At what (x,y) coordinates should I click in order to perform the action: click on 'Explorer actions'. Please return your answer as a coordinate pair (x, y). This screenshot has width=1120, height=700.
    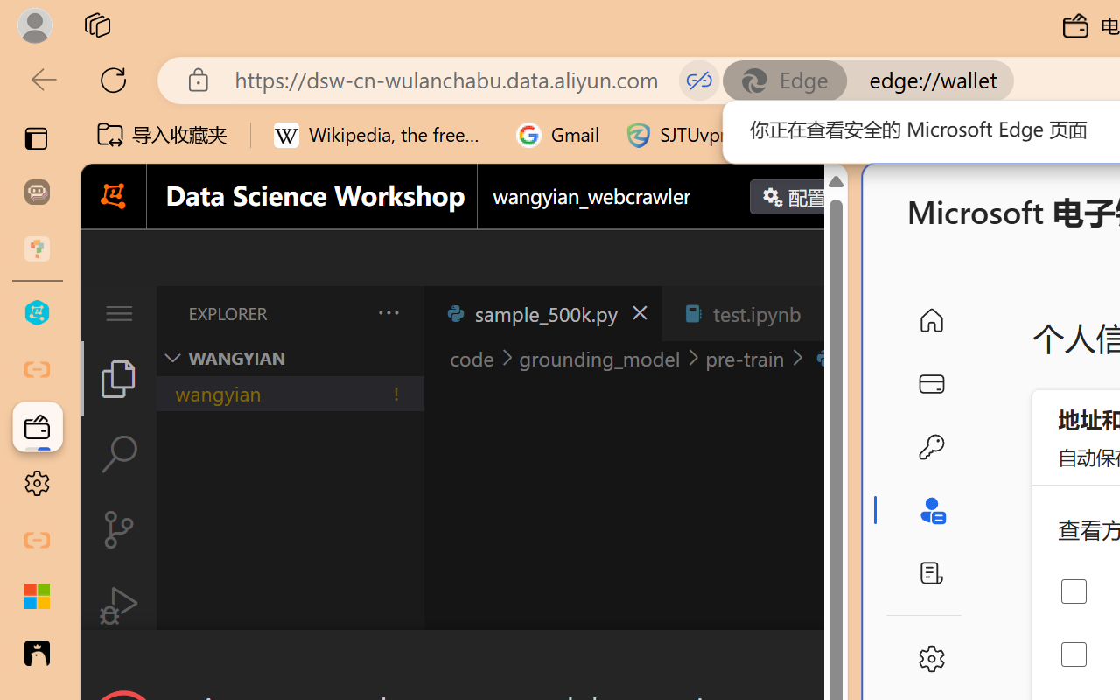
    Looking at the image, I should click on (342, 313).